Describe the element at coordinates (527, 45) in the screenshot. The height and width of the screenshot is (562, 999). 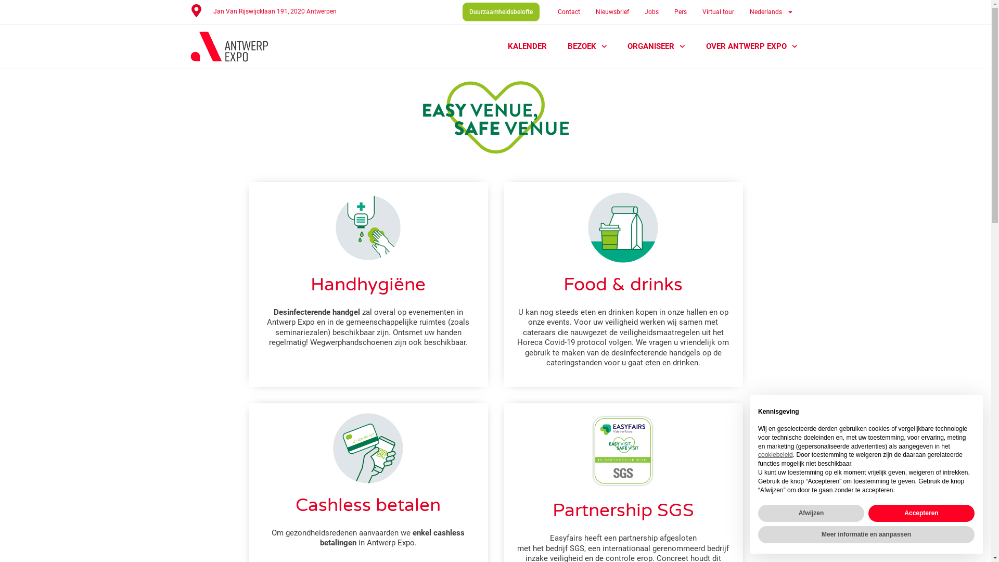
I see `'KALENDER'` at that location.